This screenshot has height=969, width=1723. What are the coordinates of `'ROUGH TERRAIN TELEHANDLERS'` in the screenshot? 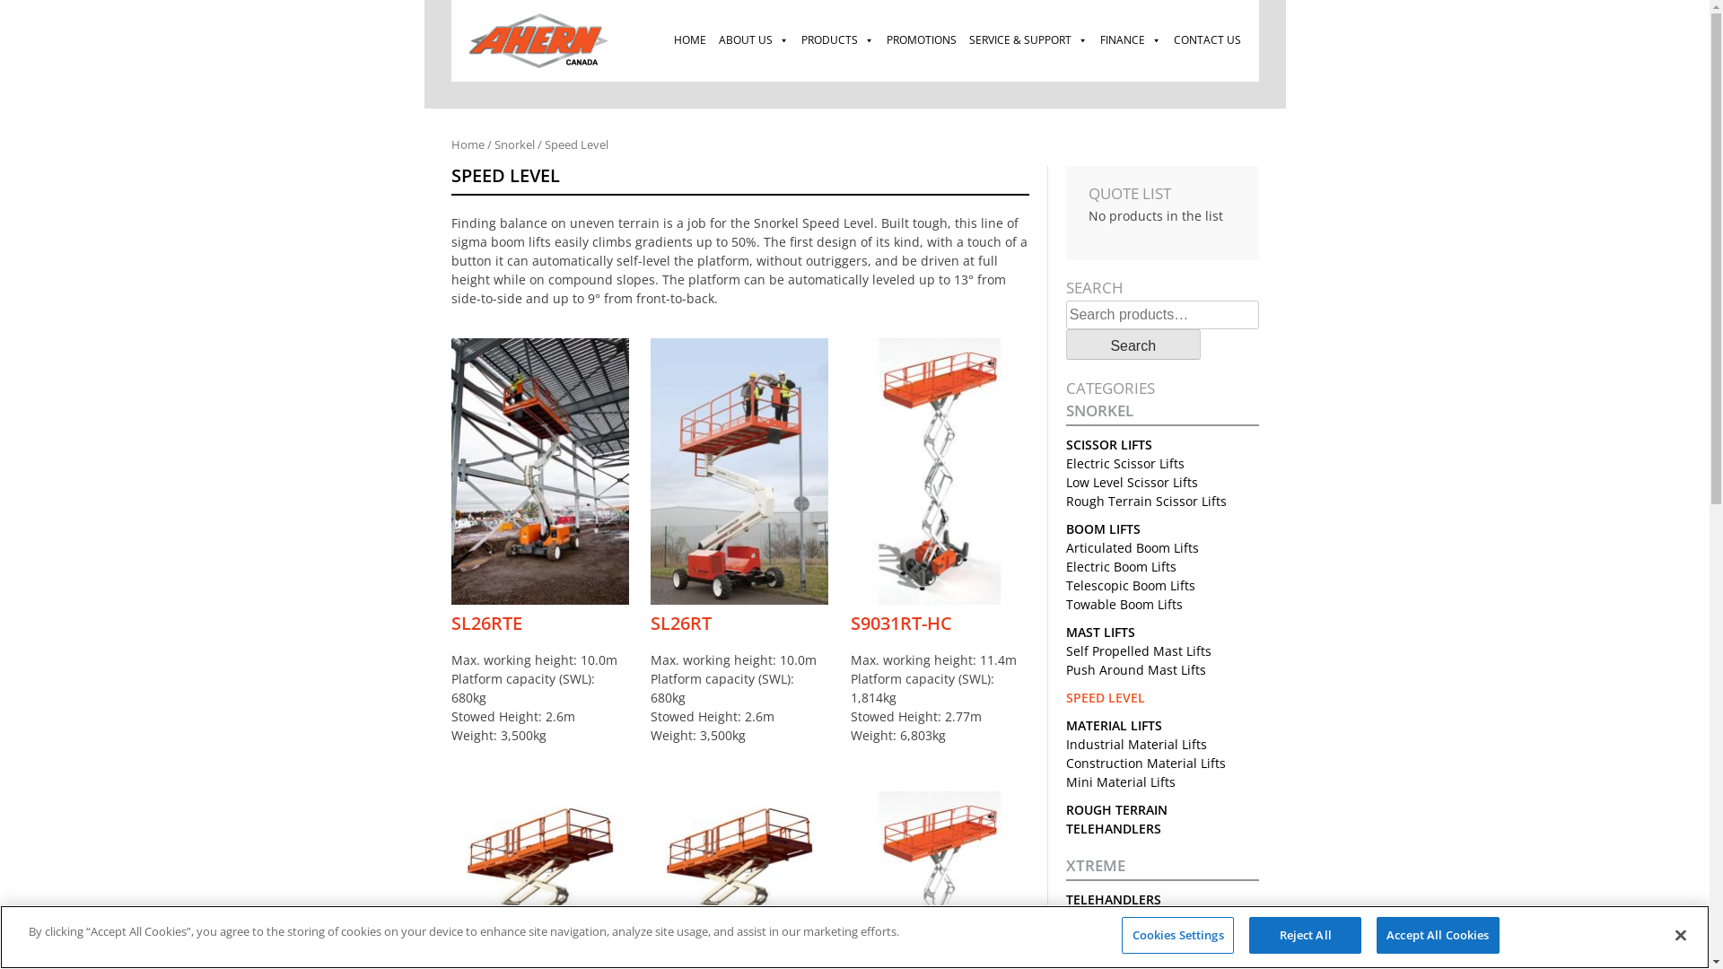 It's located at (1115, 819).